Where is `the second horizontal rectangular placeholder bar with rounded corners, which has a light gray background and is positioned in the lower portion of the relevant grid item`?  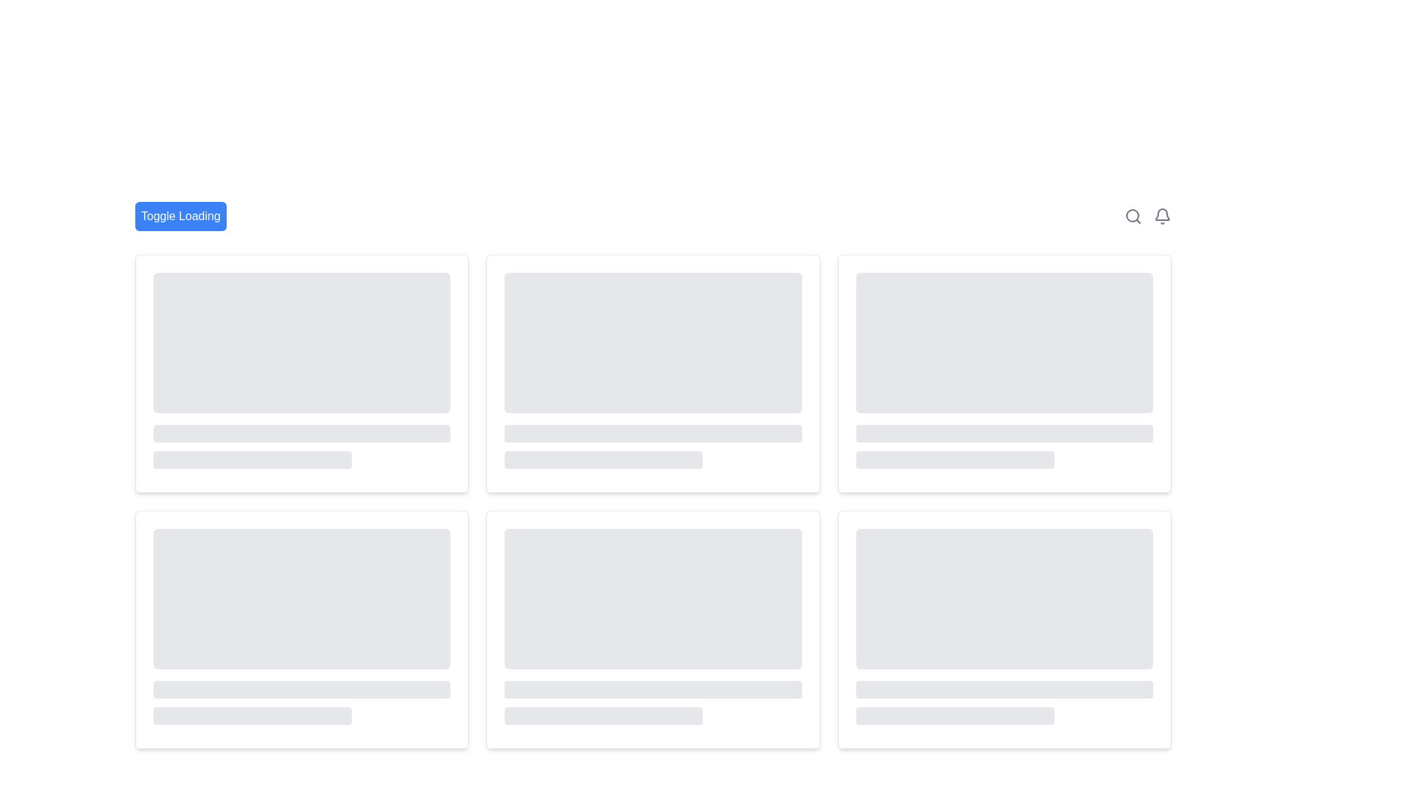 the second horizontal rectangular placeholder bar with rounded corners, which has a light gray background and is positioned in the lower portion of the relevant grid item is located at coordinates (301, 689).